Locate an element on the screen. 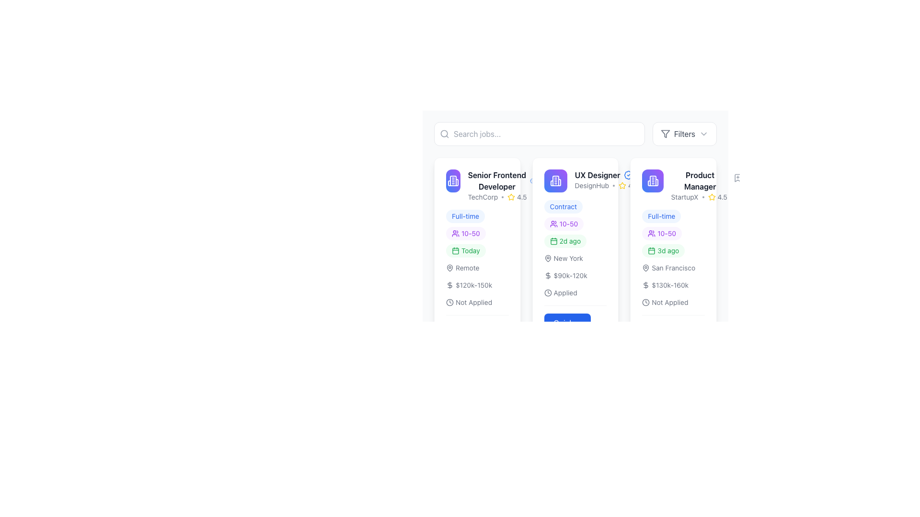 The width and height of the screenshot is (920, 517). the rating indicator element that shows '4.5' with a yellow star icon, located to the right of the 'TechCorp' text in the job listing card is located at coordinates (517, 197).